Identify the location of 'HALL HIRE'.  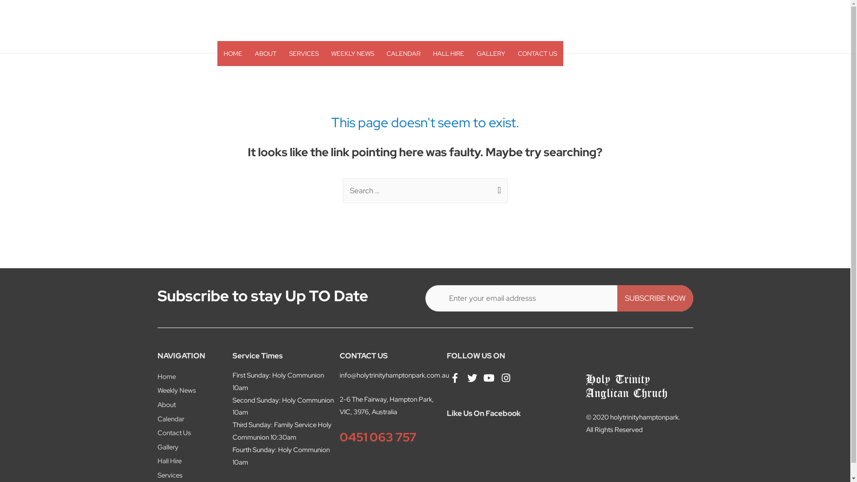
(448, 53).